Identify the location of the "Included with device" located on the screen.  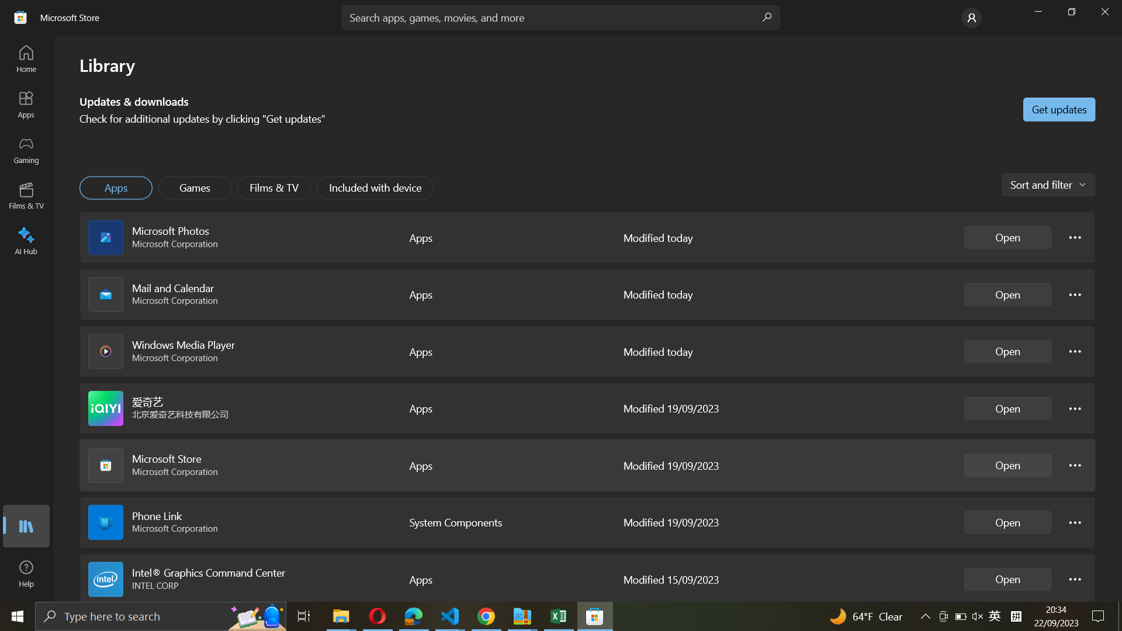
(376, 186).